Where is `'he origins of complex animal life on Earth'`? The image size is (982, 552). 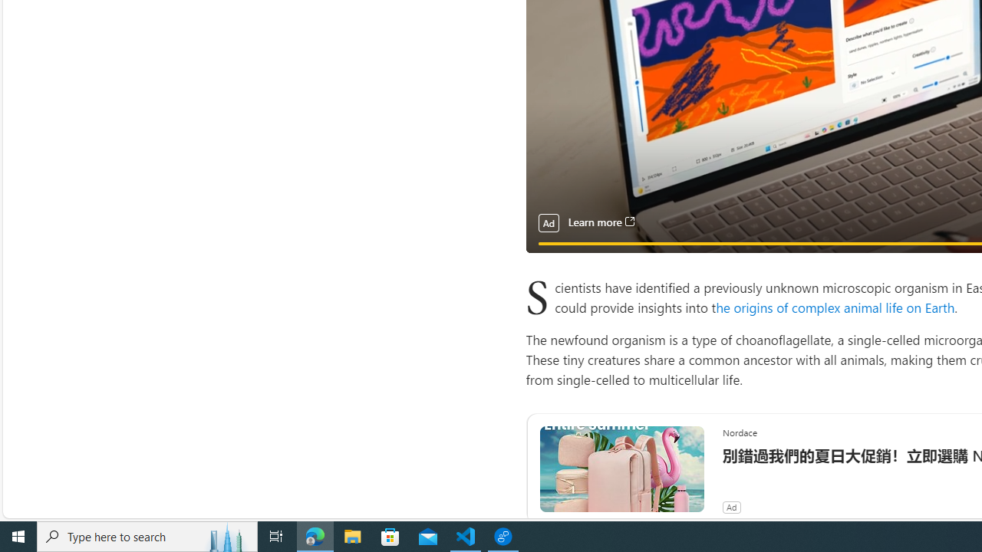 'he origins of complex animal life on Earth' is located at coordinates (835, 307).